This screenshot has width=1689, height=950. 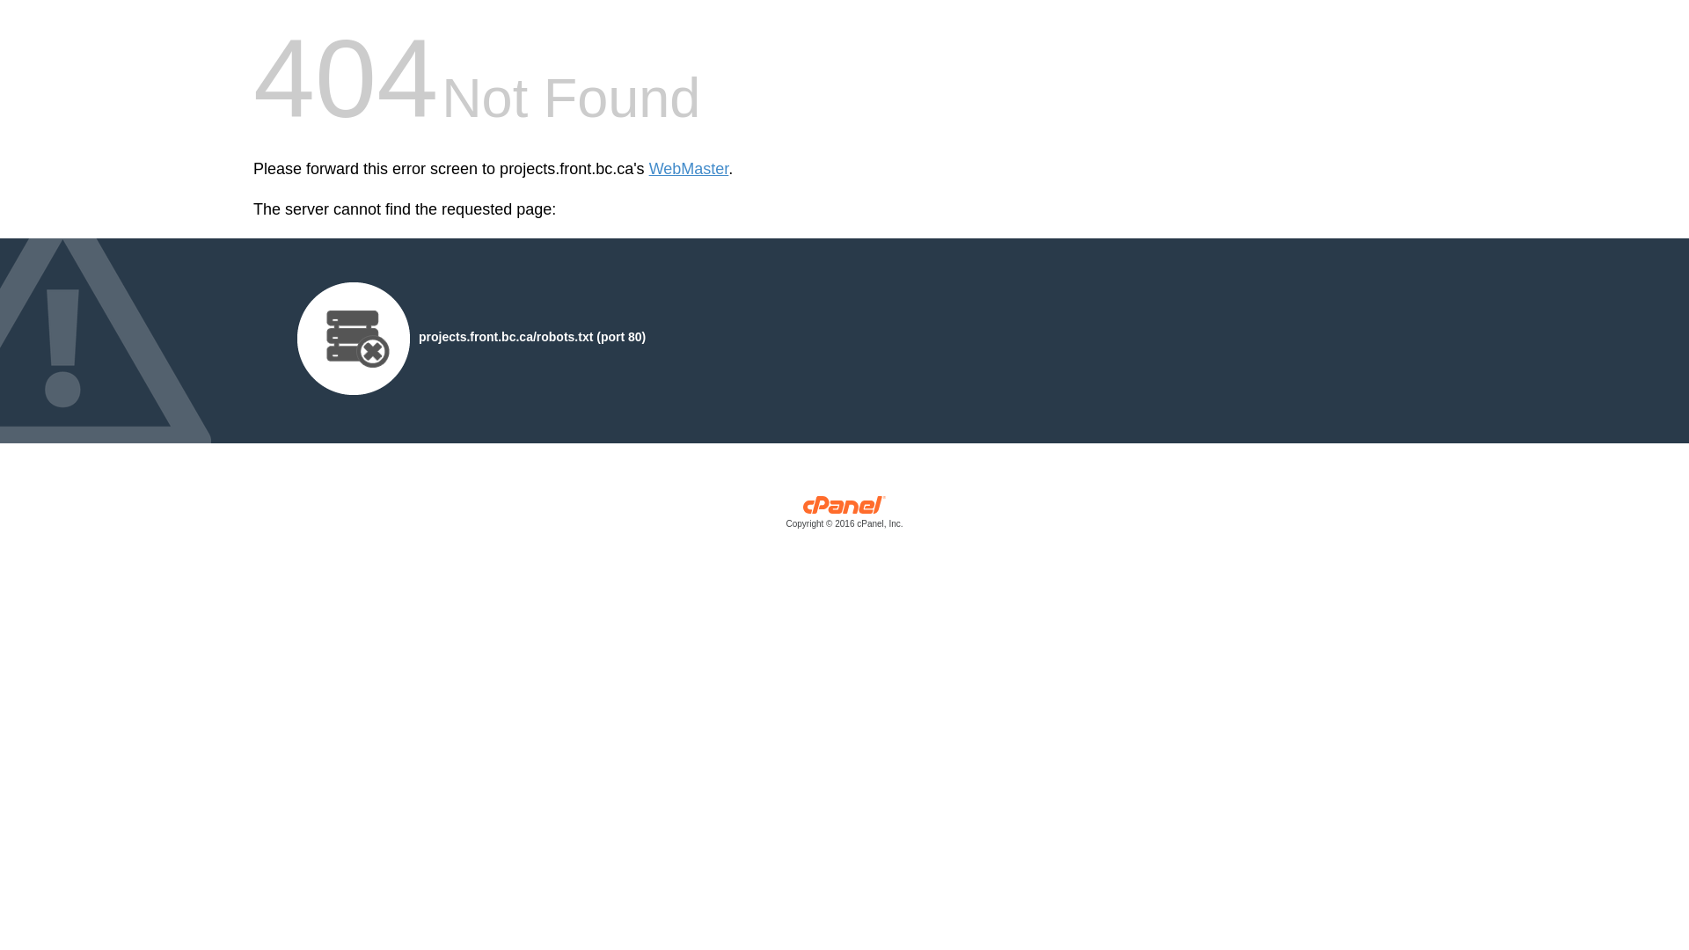 I want to click on 'WebMaster', so click(x=688, y=169).